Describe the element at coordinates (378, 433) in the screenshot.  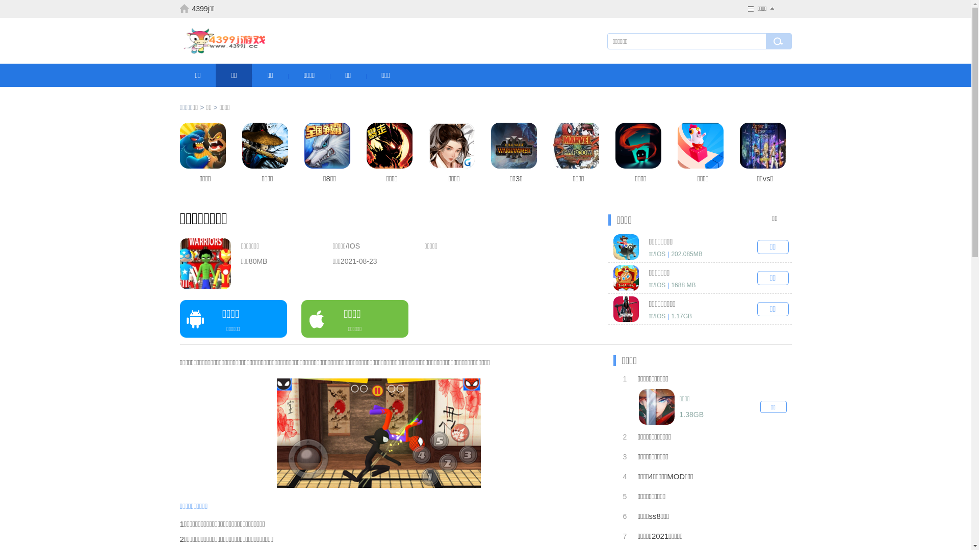
I see `'75b8dbb9ab32ddda7c7b0a6115f81381.png'` at that location.